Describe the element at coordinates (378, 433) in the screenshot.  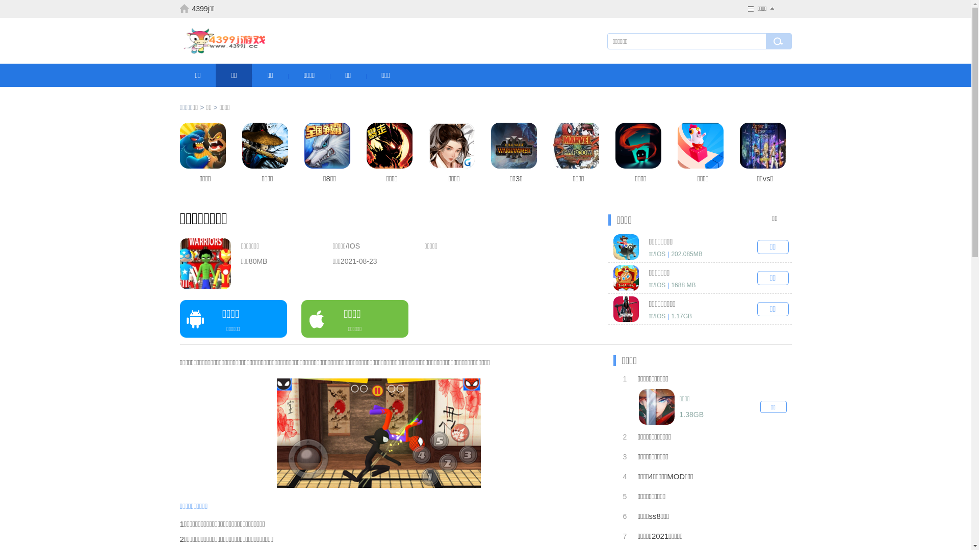
I see `'75b8dbb9ab32ddda7c7b0a6115f81381.png'` at that location.